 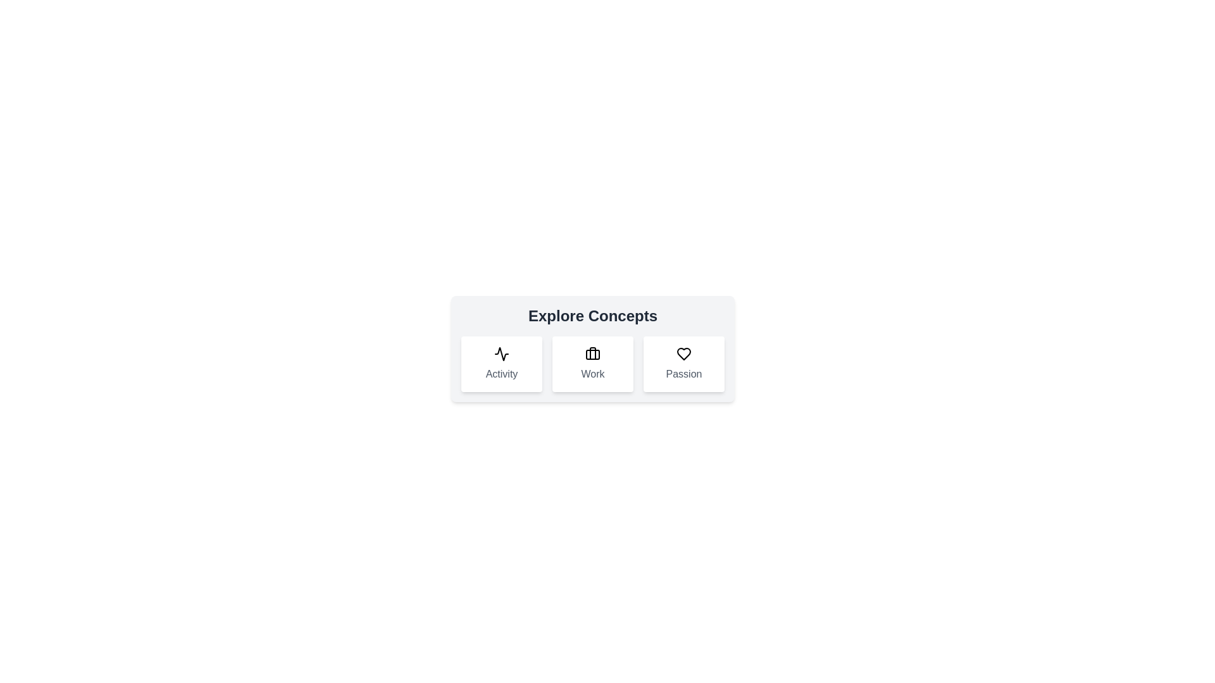 I want to click on the second section of the Grid layout containing clickable sections, so click(x=592, y=364).